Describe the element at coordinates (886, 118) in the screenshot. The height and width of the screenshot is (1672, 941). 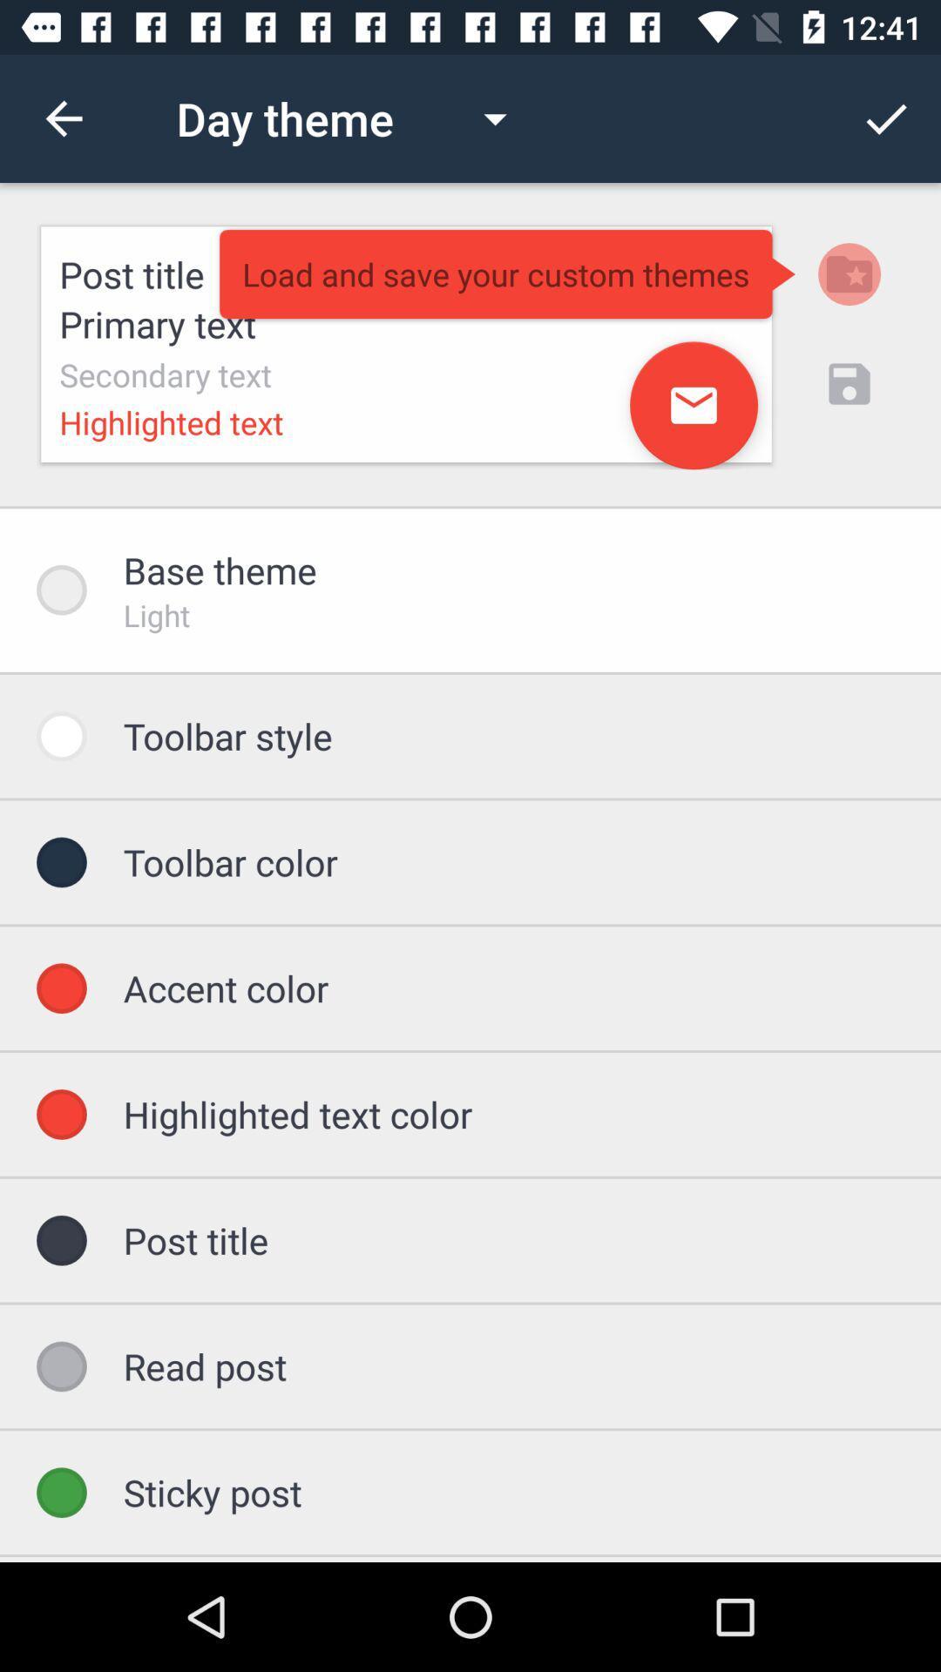
I see `the button at the top right corner of the page` at that location.